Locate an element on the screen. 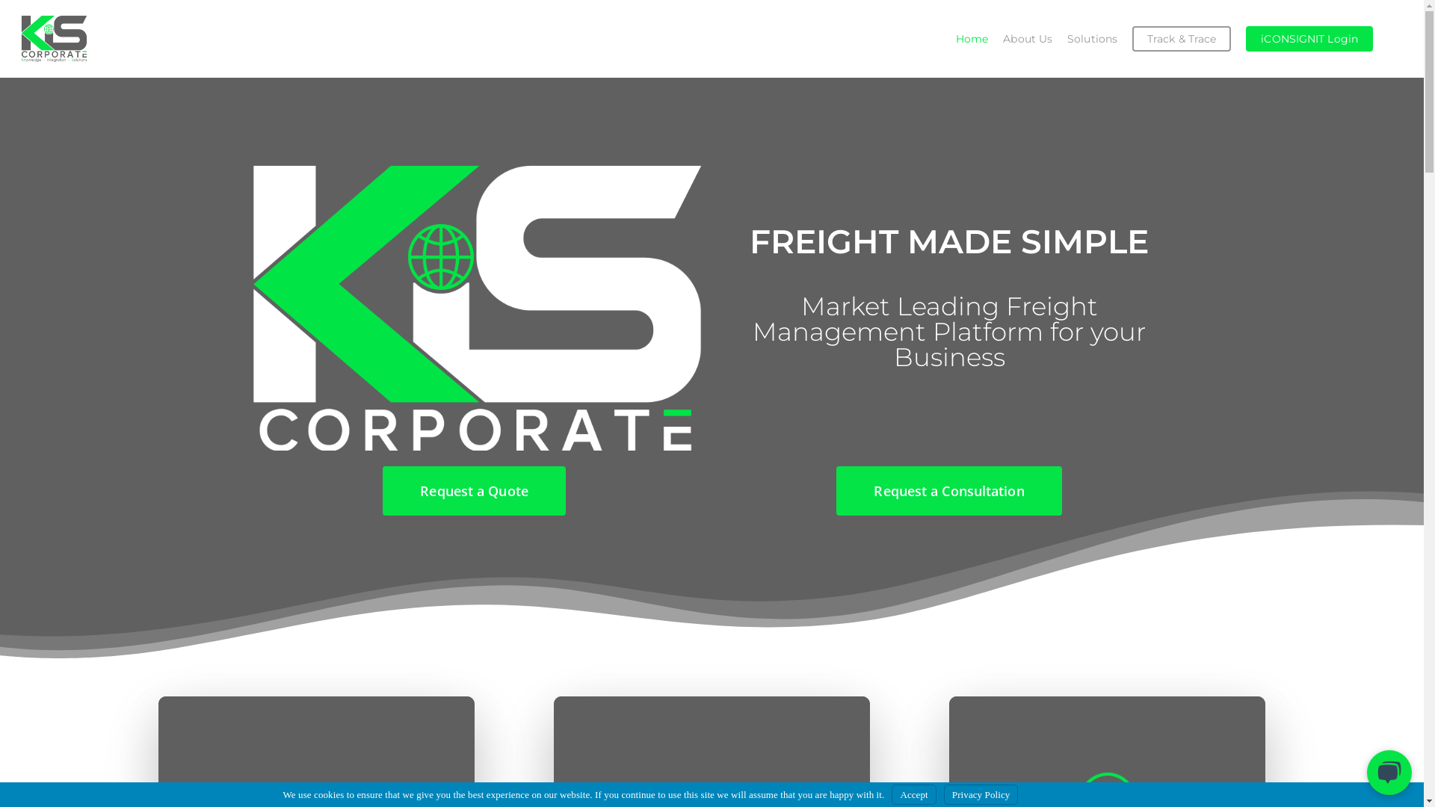 The width and height of the screenshot is (1435, 807). 'Request a Consultation' is located at coordinates (948, 490).